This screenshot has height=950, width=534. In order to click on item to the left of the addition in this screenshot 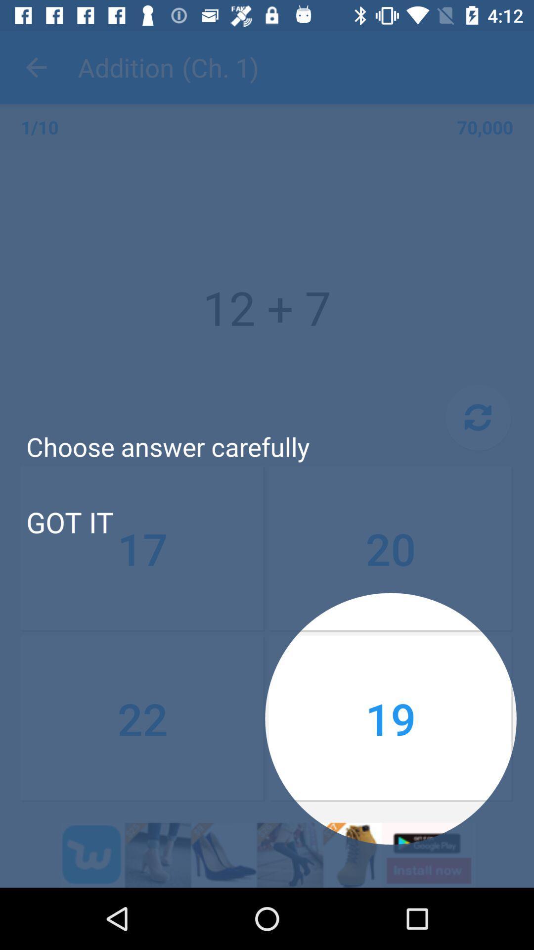, I will do `click(36, 67)`.